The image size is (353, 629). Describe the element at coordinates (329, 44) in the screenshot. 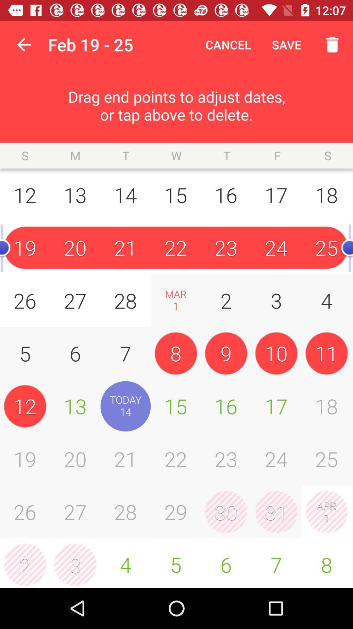

I see `delete selected` at that location.